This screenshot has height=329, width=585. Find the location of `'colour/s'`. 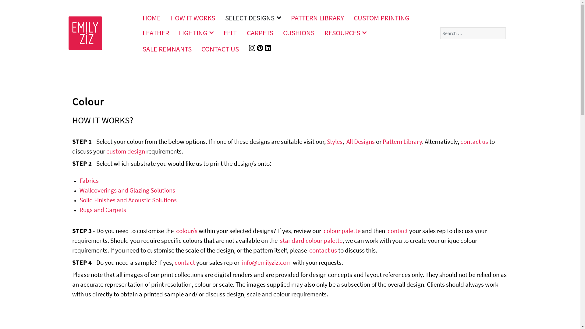

'colour/s' is located at coordinates (186, 231).